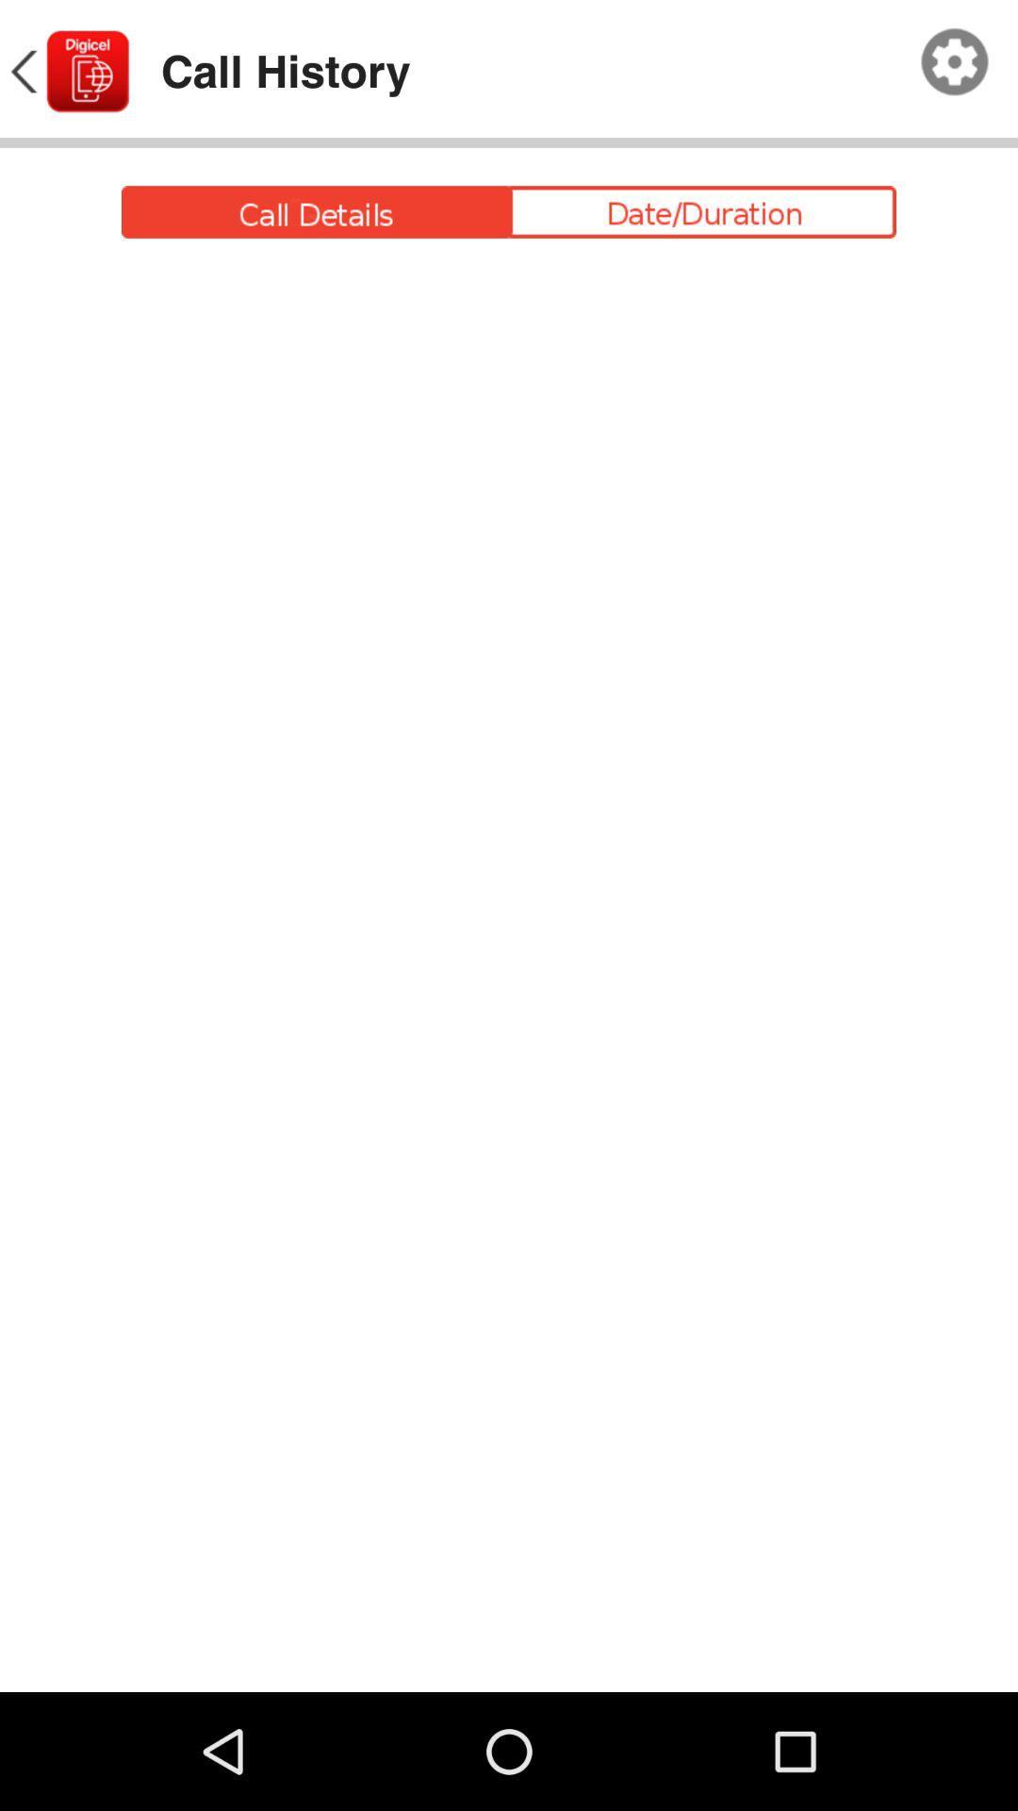  What do you see at coordinates (955, 62) in the screenshot?
I see `the item to the right of call history app` at bounding box center [955, 62].